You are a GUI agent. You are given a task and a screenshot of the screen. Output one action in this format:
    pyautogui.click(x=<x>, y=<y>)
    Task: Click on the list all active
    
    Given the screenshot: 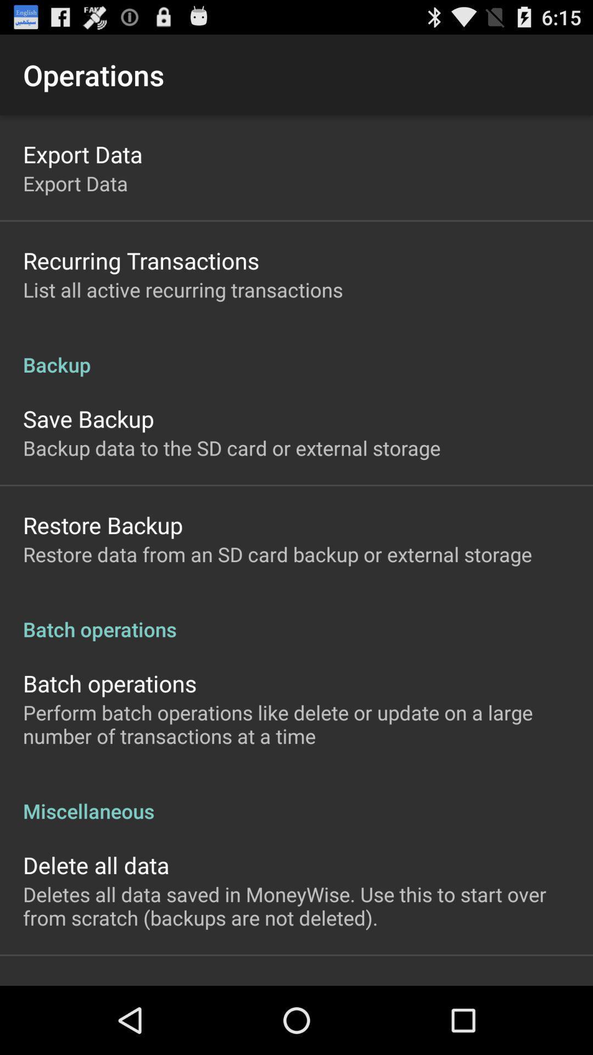 What is the action you would take?
    pyautogui.click(x=182, y=290)
    